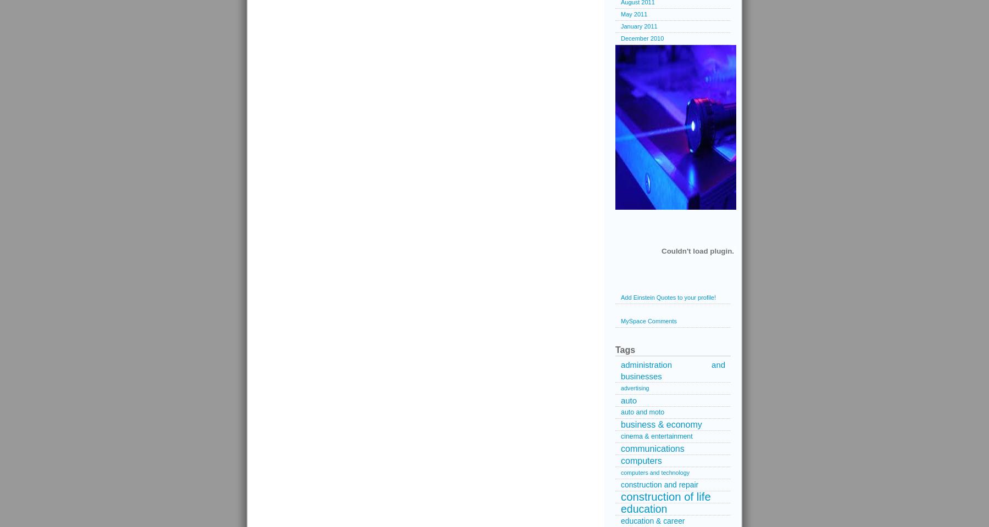  I want to click on 'December 2010', so click(620, 38).